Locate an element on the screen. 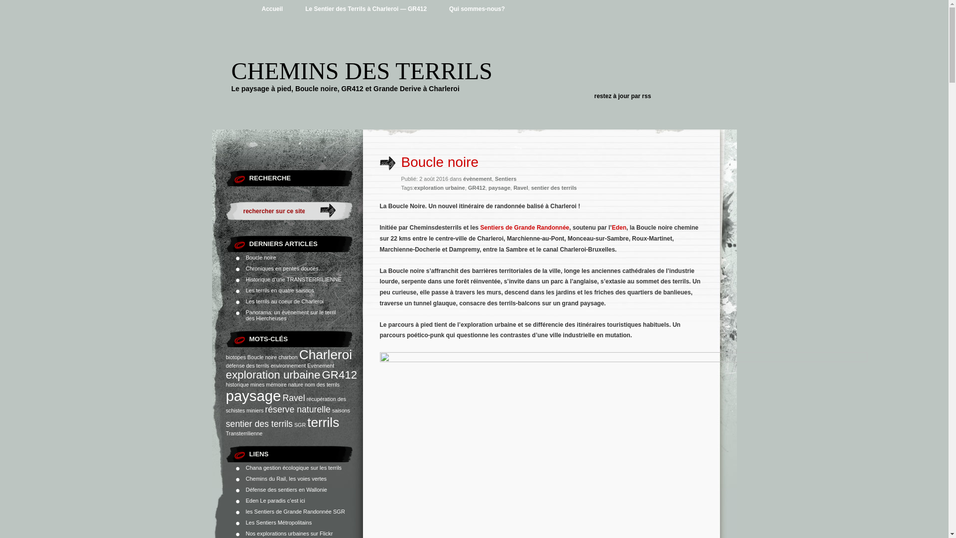  'GR412' is located at coordinates (339, 375).